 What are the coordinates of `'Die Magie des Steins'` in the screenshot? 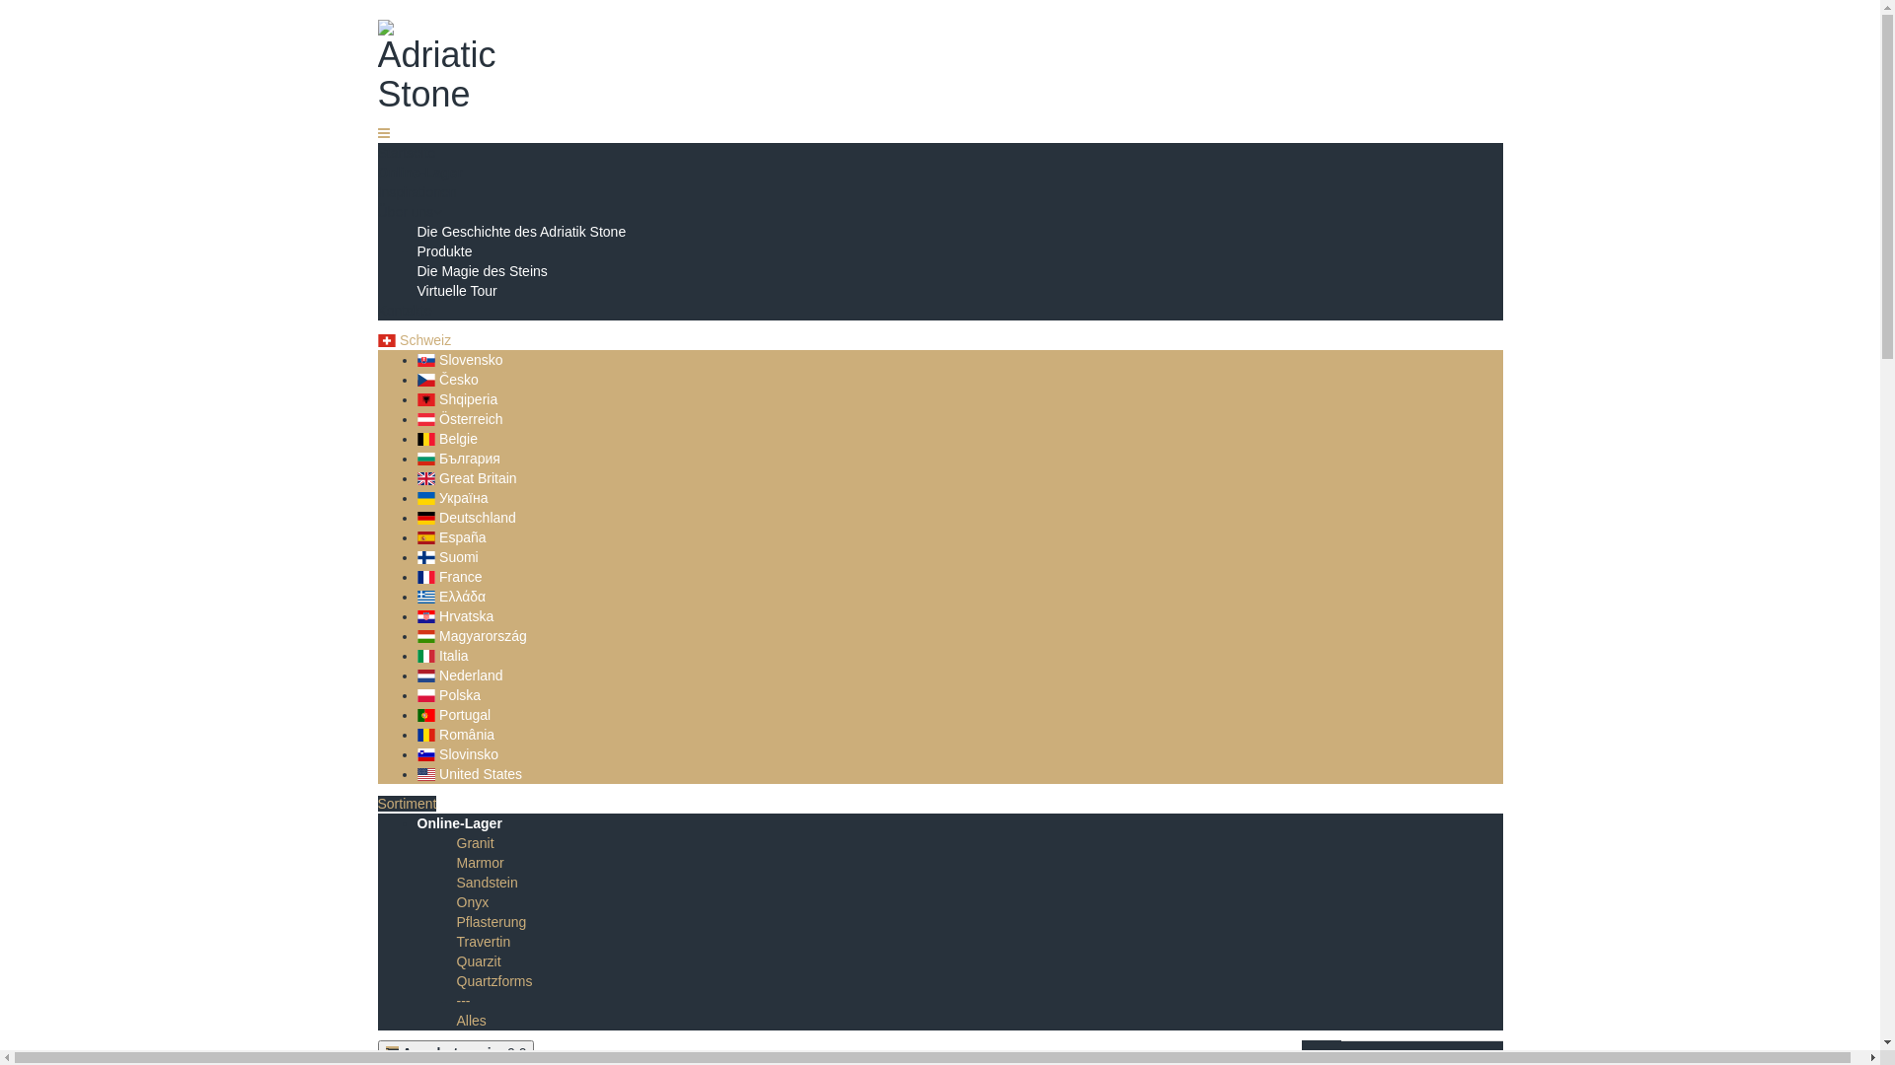 It's located at (482, 270).